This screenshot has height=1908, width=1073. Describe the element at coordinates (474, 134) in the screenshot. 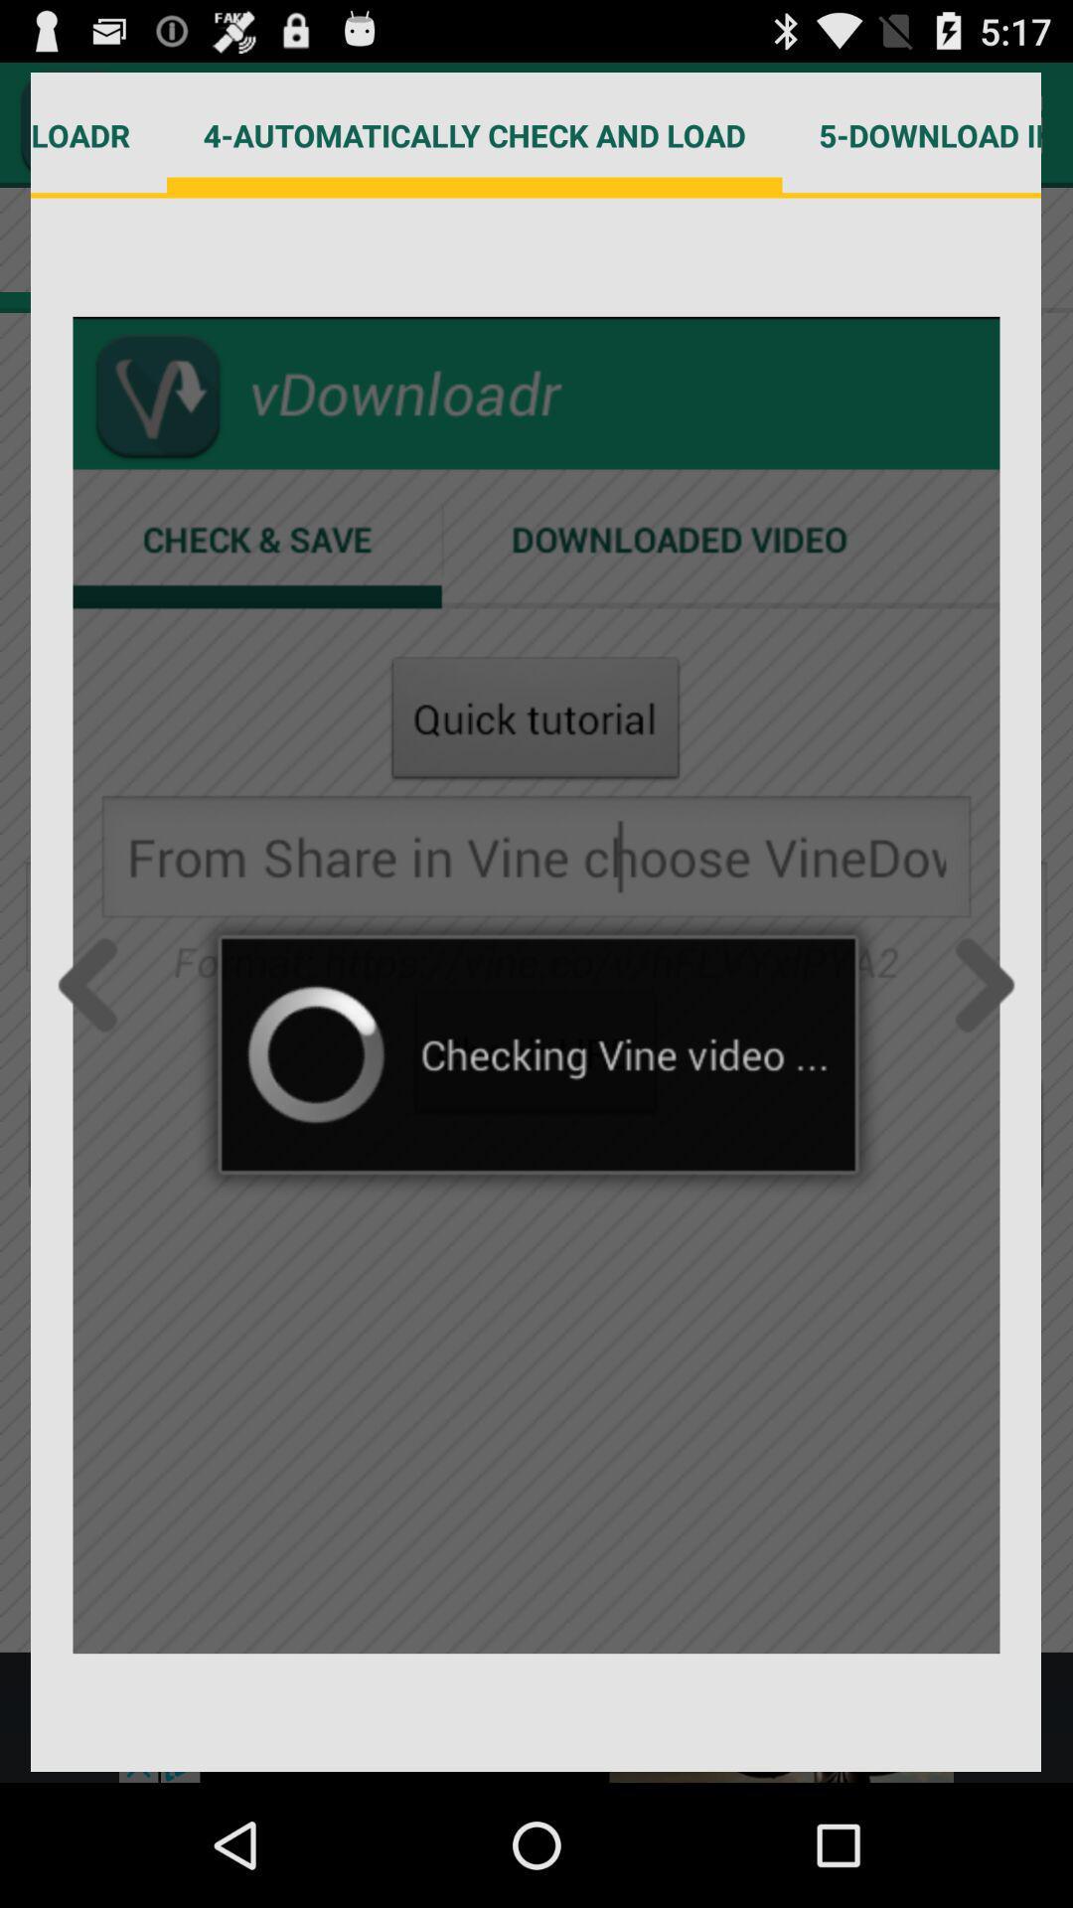

I see `4 automatically check icon` at that location.